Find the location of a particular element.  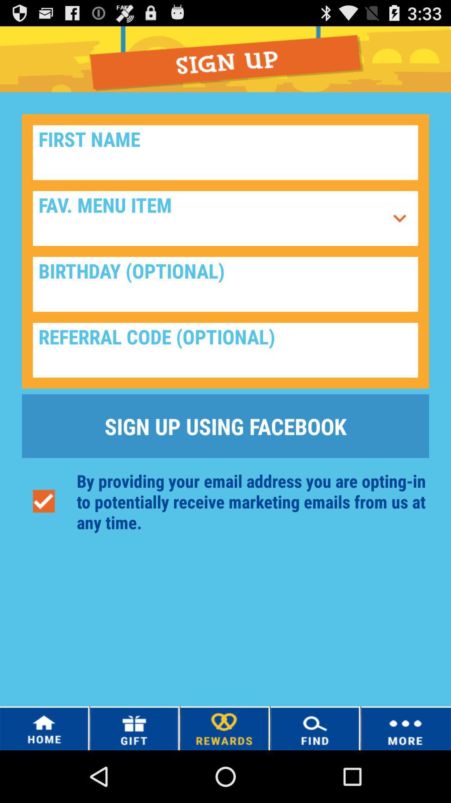

the check box below sign up using facebook is located at coordinates (44, 501).